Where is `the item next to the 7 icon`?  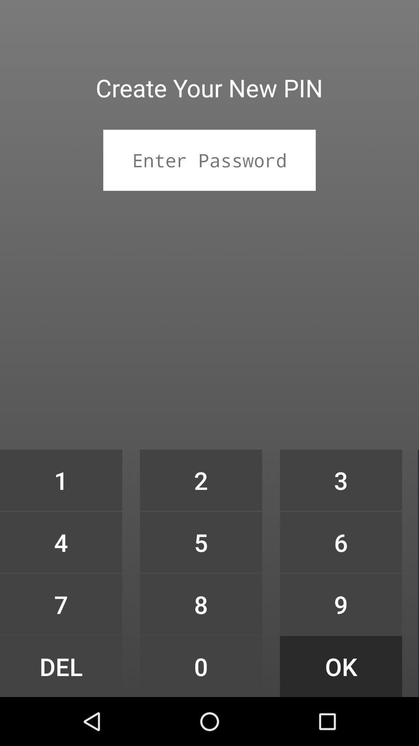
the item next to the 7 icon is located at coordinates (201, 666).